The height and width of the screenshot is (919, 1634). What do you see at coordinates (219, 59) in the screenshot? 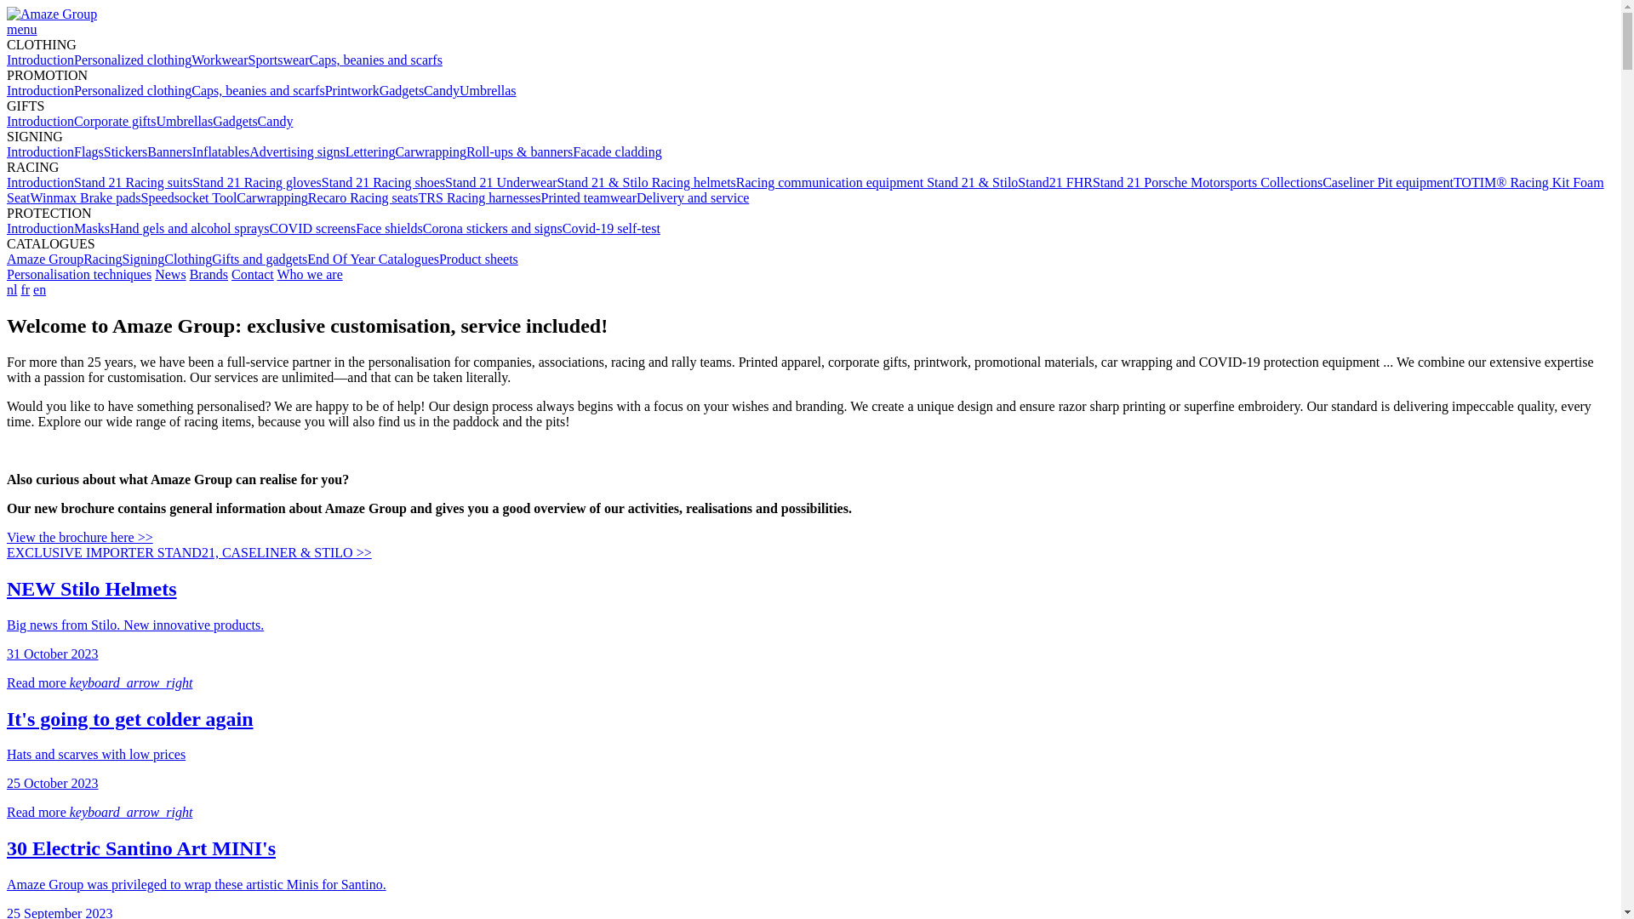
I see `'Workwear'` at bounding box center [219, 59].